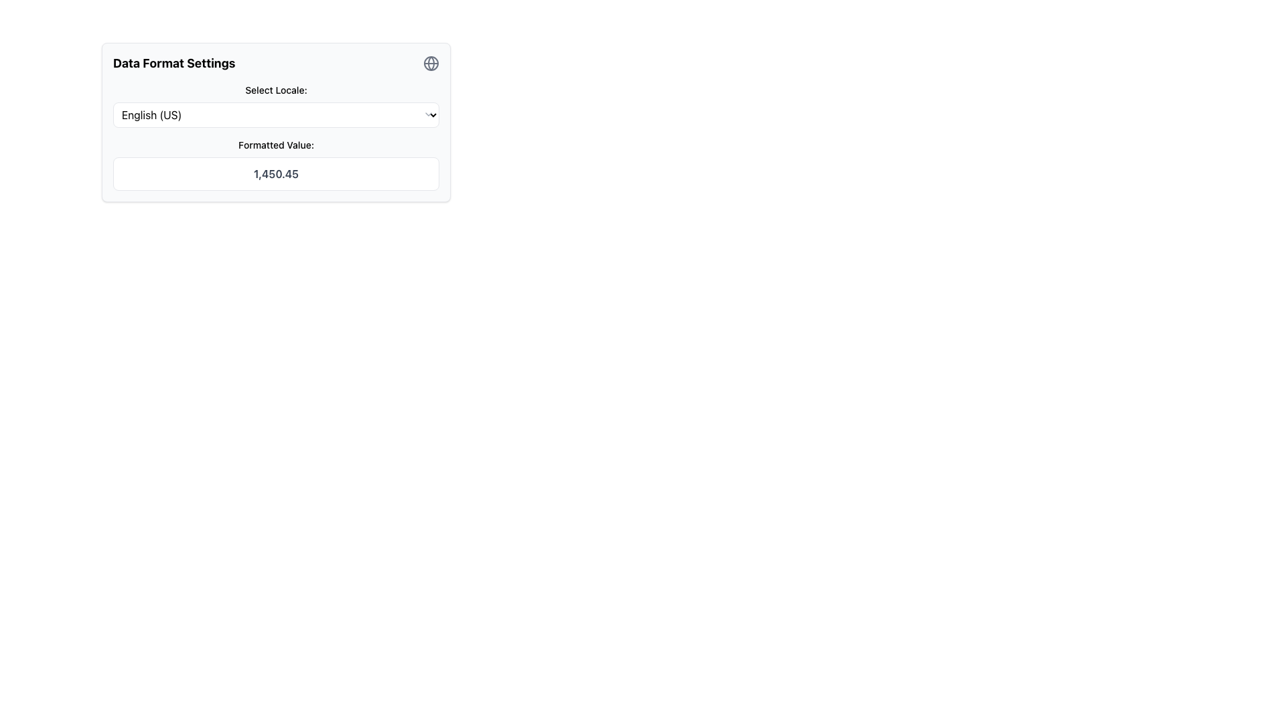 This screenshot has width=1286, height=723. What do you see at coordinates (275, 122) in the screenshot?
I see `formatted value displayed in the panel labeled 'Data Format Settings', which is located at the top center of the interface and shows '1,450.45'` at bounding box center [275, 122].